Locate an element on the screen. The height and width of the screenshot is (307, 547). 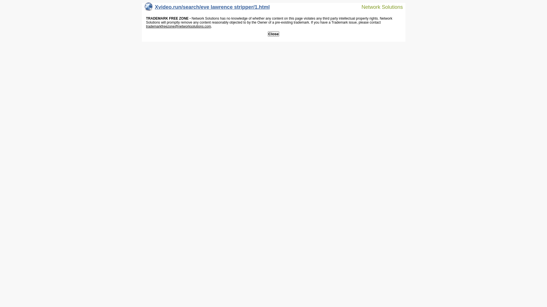
'trademarkfreezone@networksolutions.com' is located at coordinates (178, 26).